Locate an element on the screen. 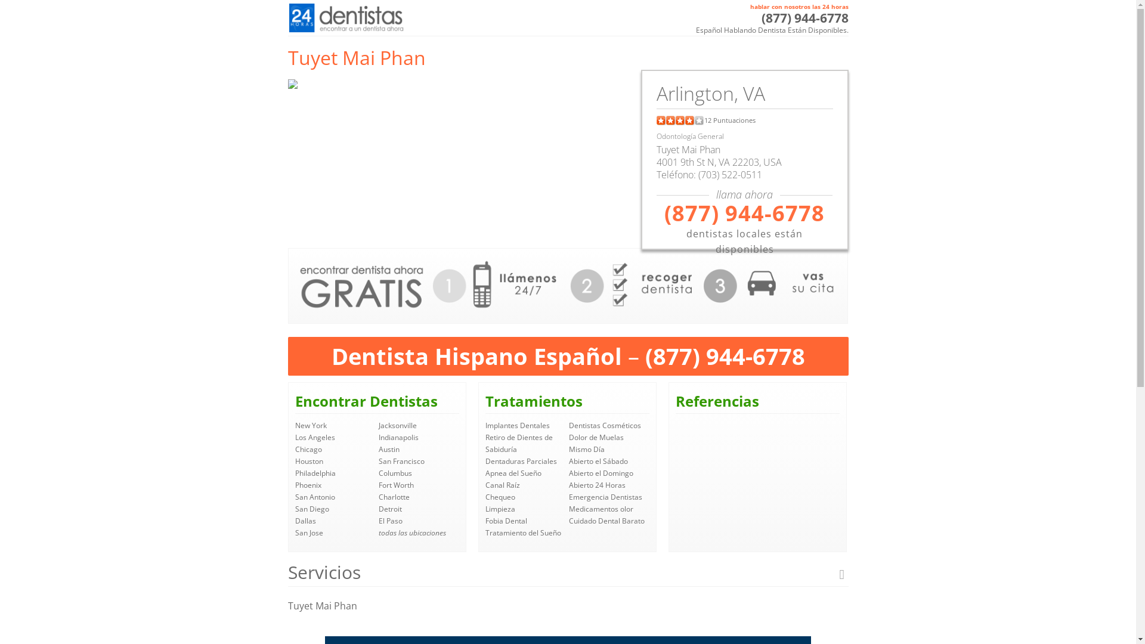 Image resolution: width=1145 pixels, height=644 pixels. 'San Diego' is located at coordinates (311, 509).